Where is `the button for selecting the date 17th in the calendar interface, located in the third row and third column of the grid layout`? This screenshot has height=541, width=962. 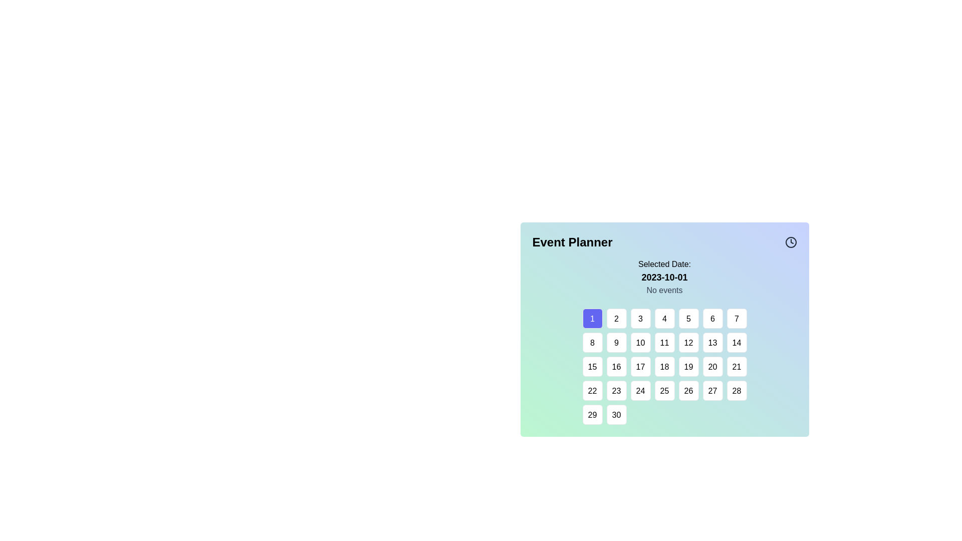 the button for selecting the date 17th in the calendar interface, located in the third row and third column of the grid layout is located at coordinates (640, 367).